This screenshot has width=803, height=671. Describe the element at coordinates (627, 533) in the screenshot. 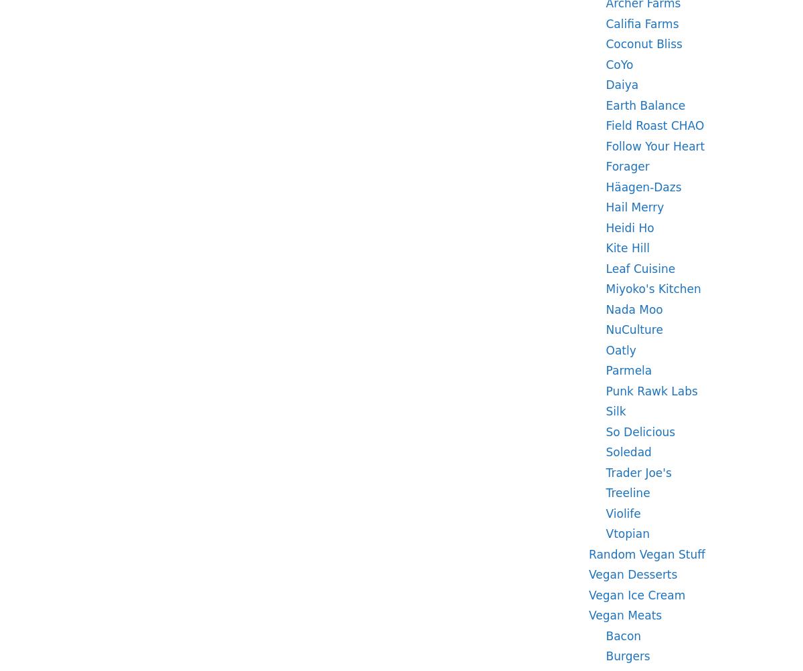

I see `'Vtopian'` at that location.